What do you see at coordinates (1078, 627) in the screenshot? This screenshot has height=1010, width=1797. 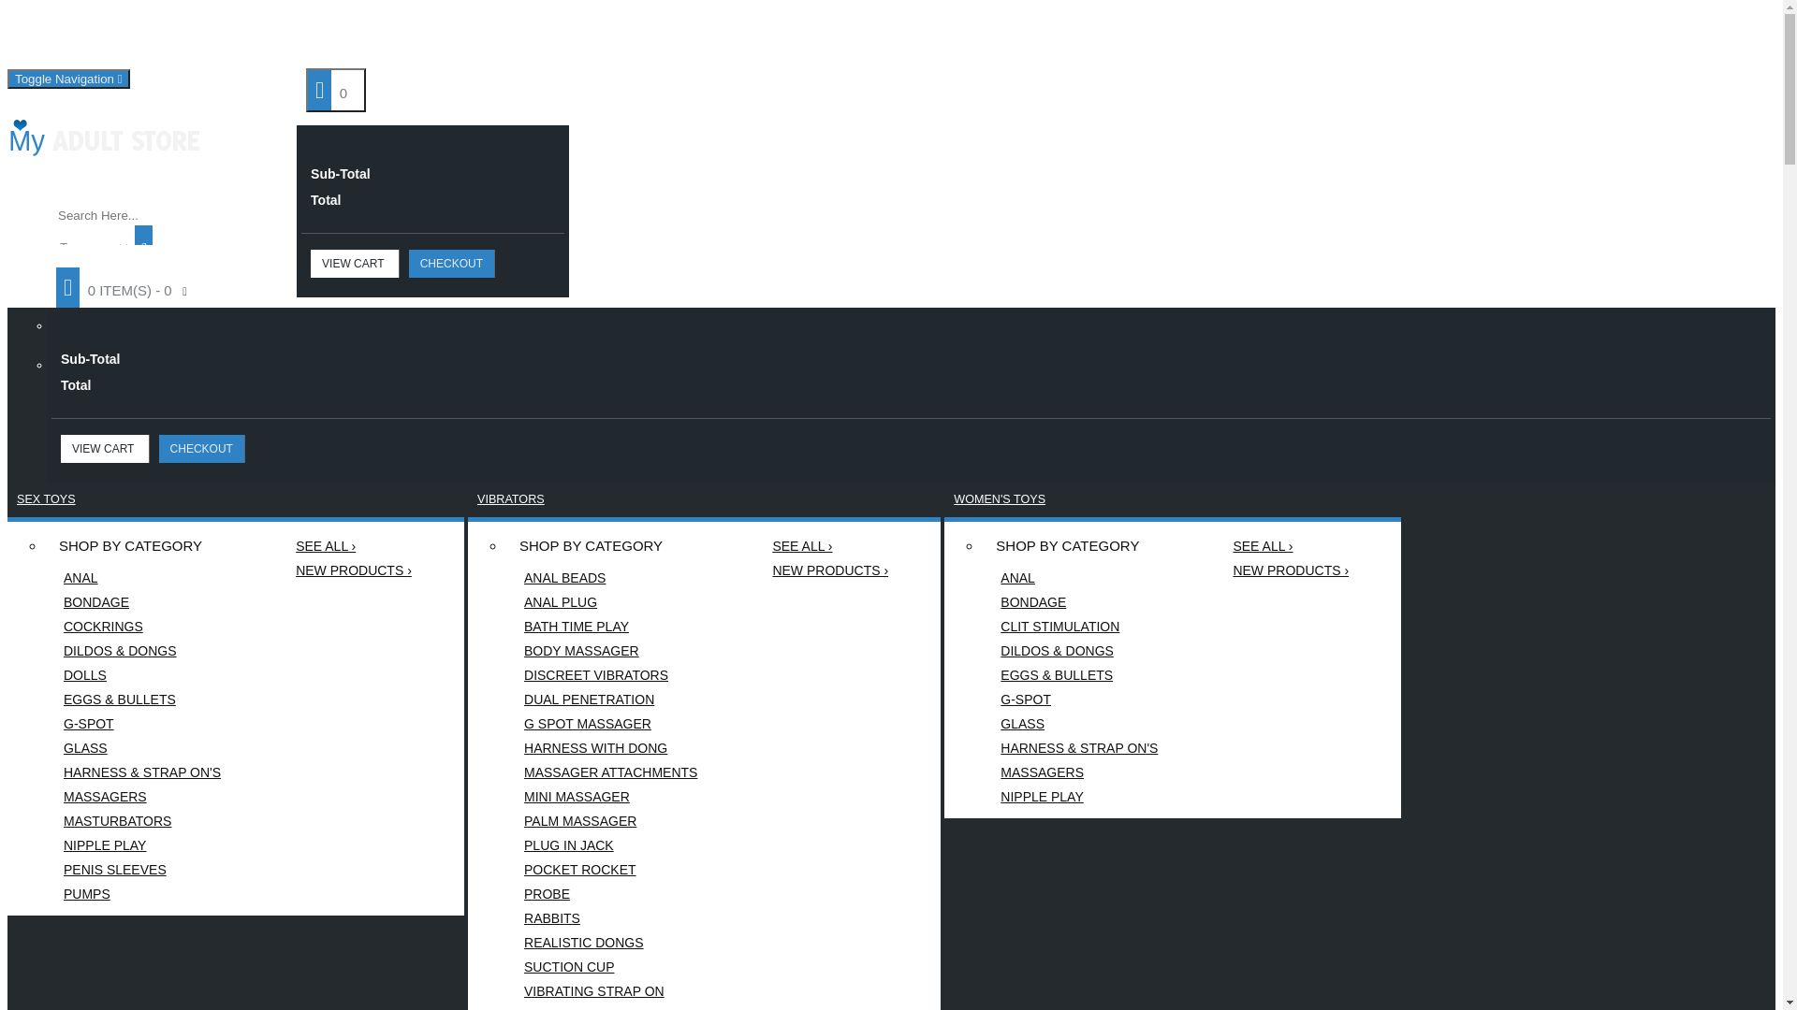 I see `'CLIT STIMULATION'` at bounding box center [1078, 627].